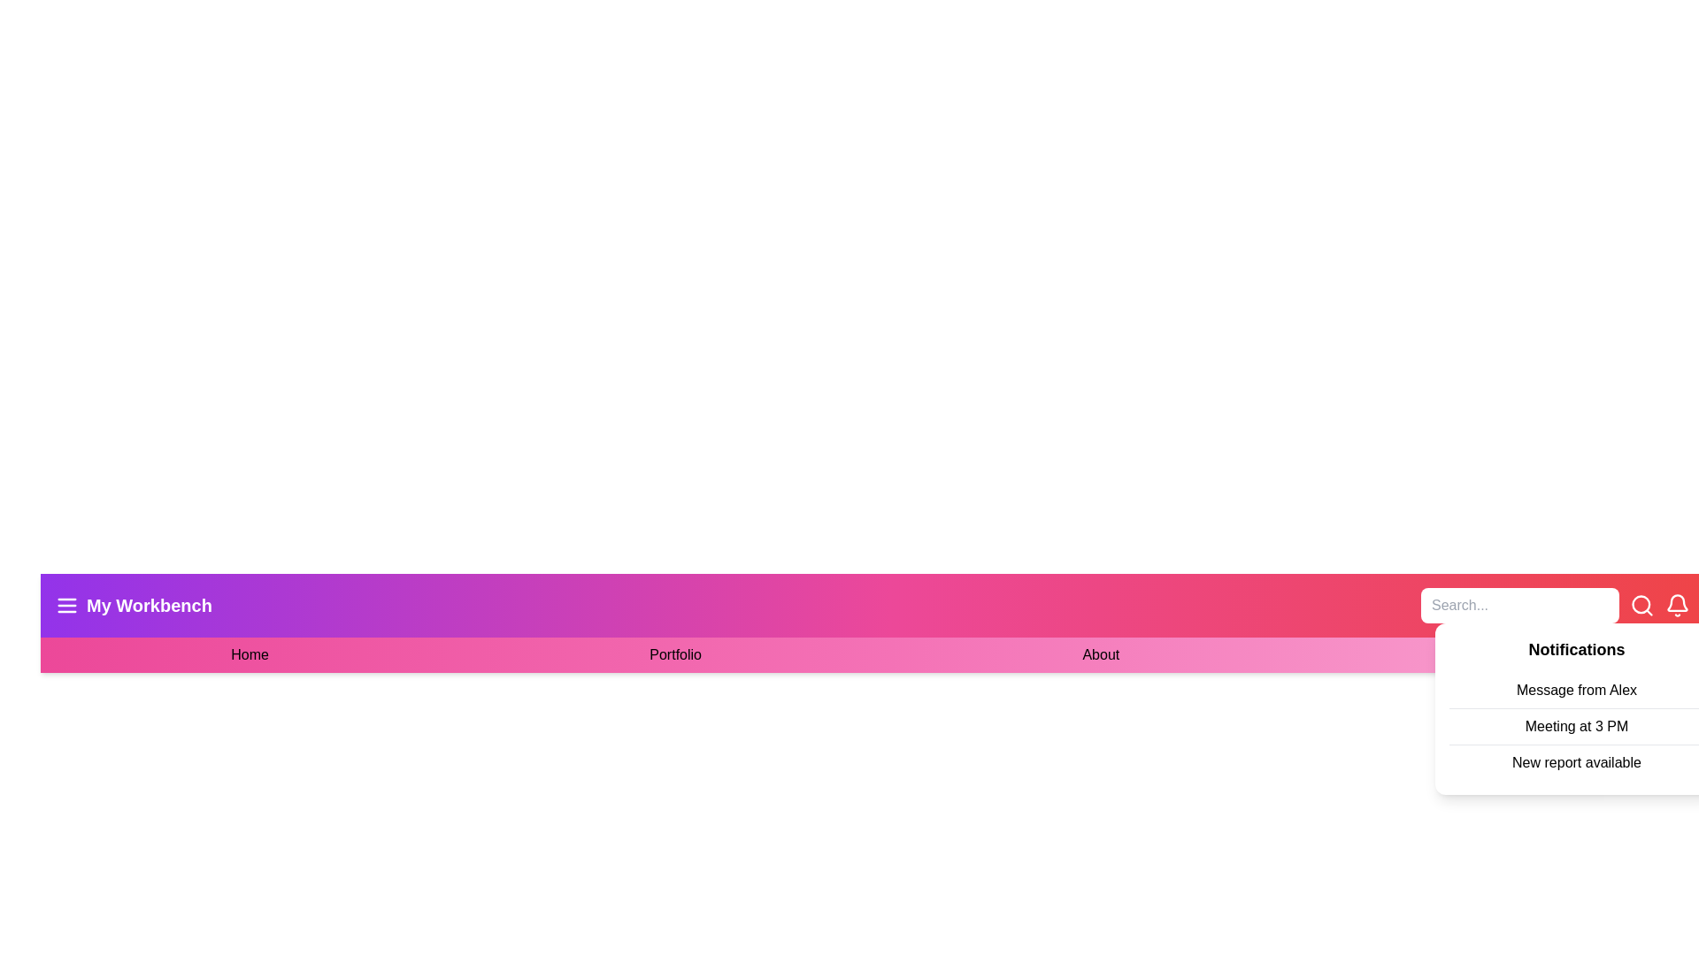 The height and width of the screenshot is (955, 1699). What do you see at coordinates (1640, 603) in the screenshot?
I see `the decorative circular element located in the center of the search icon at the top-right corner of the interface` at bounding box center [1640, 603].